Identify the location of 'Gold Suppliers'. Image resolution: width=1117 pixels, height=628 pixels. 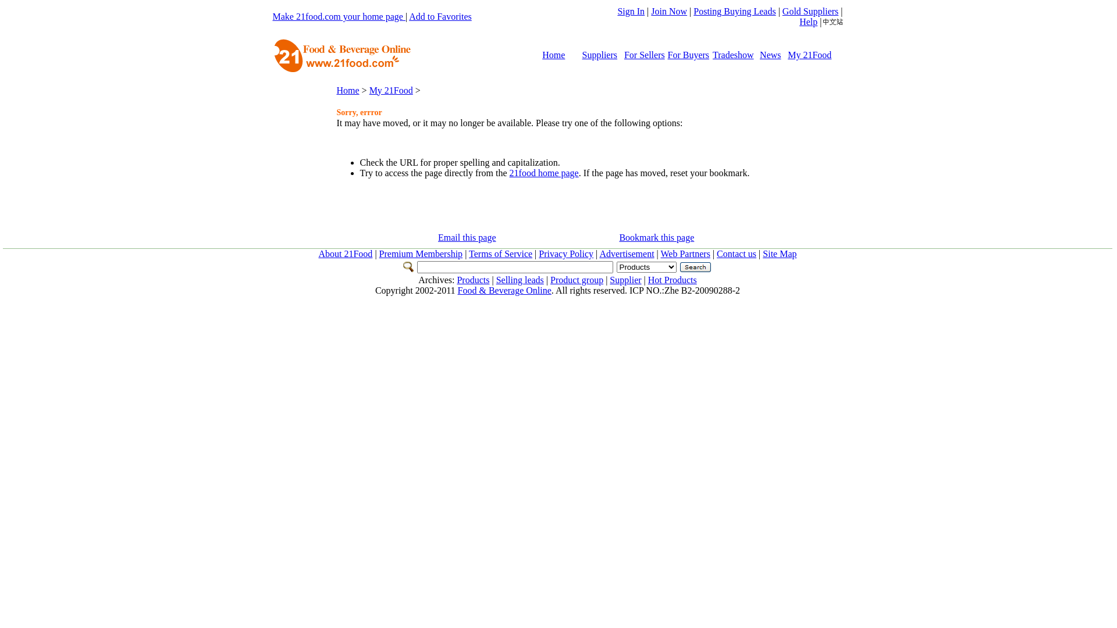
(809, 11).